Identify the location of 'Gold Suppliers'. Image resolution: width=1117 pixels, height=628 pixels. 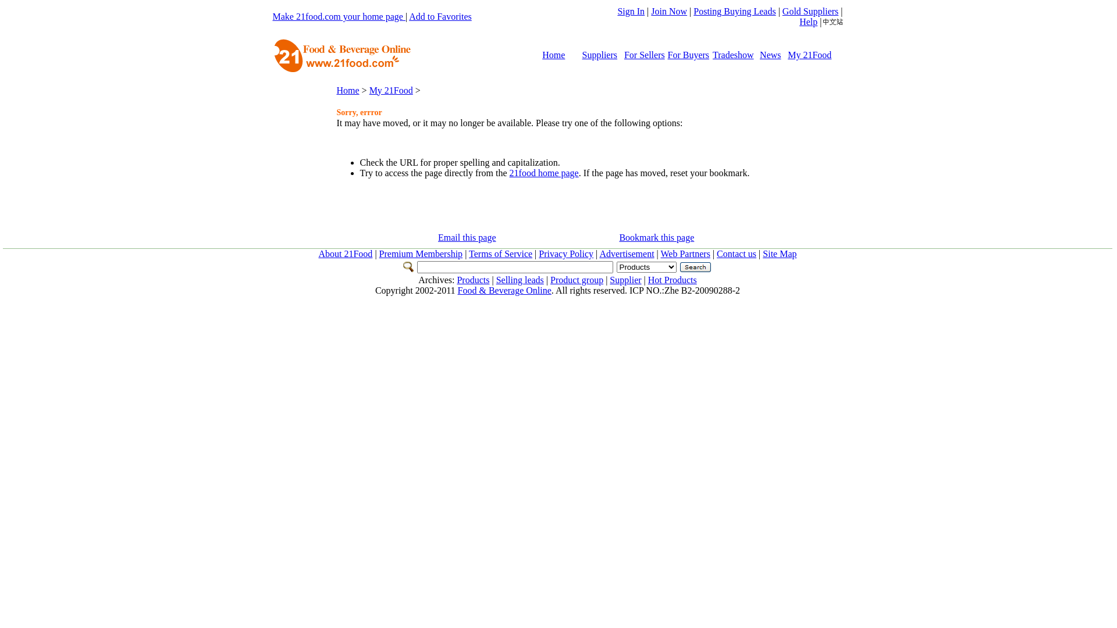
(809, 11).